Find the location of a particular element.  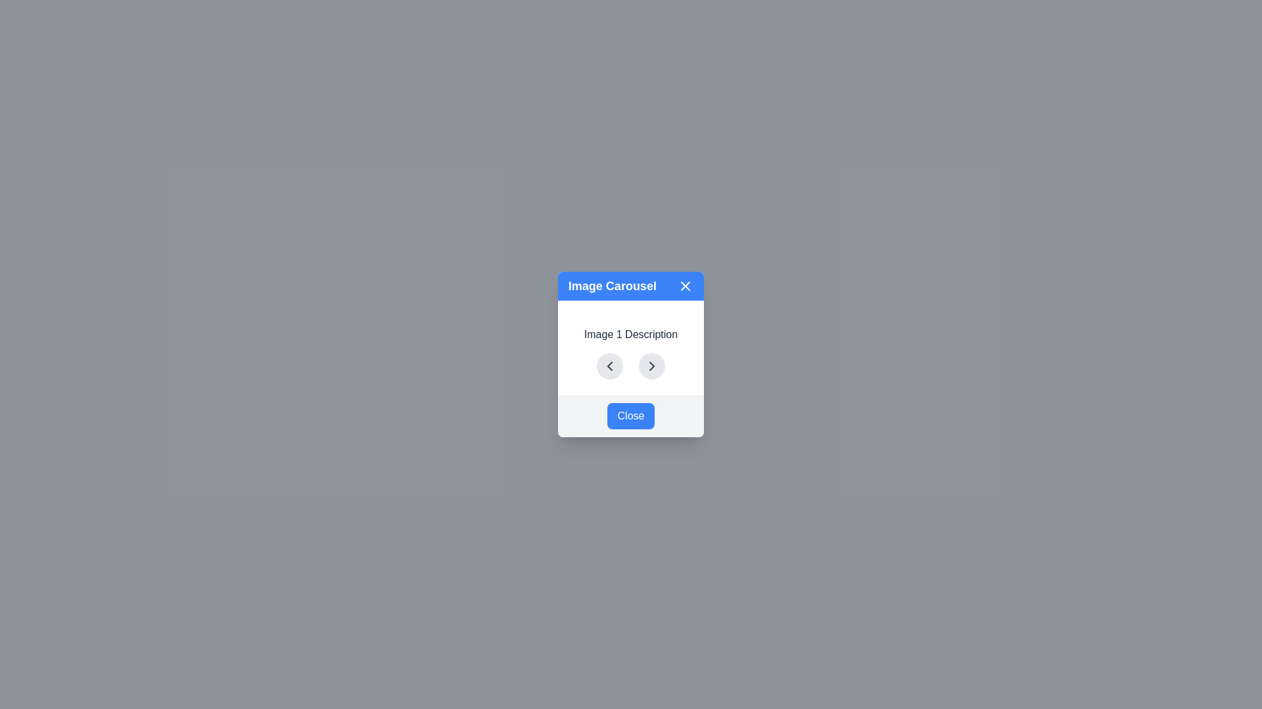

keyboard navigation is located at coordinates (652, 366).